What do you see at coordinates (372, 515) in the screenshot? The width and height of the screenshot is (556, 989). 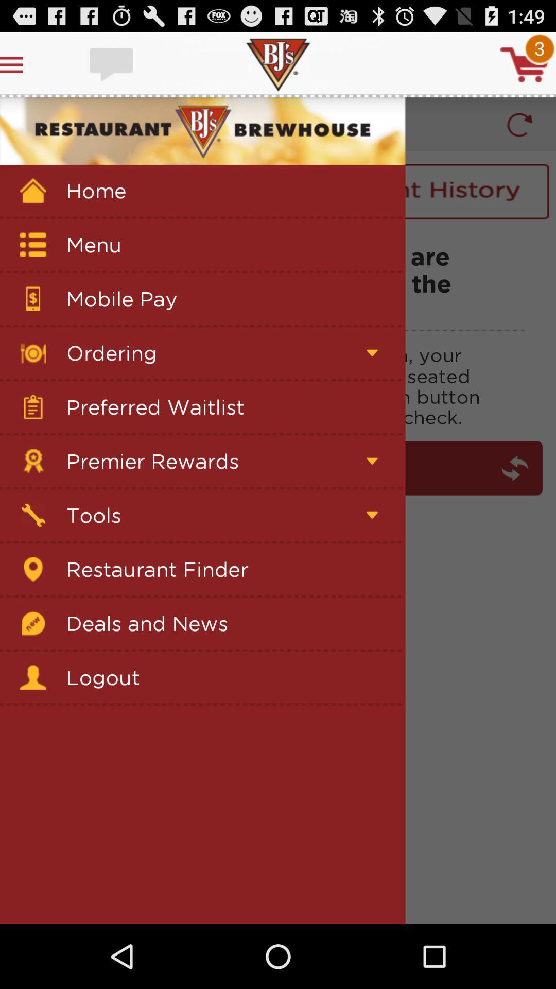 I see `the drop down icon which is right side of the text tools` at bounding box center [372, 515].